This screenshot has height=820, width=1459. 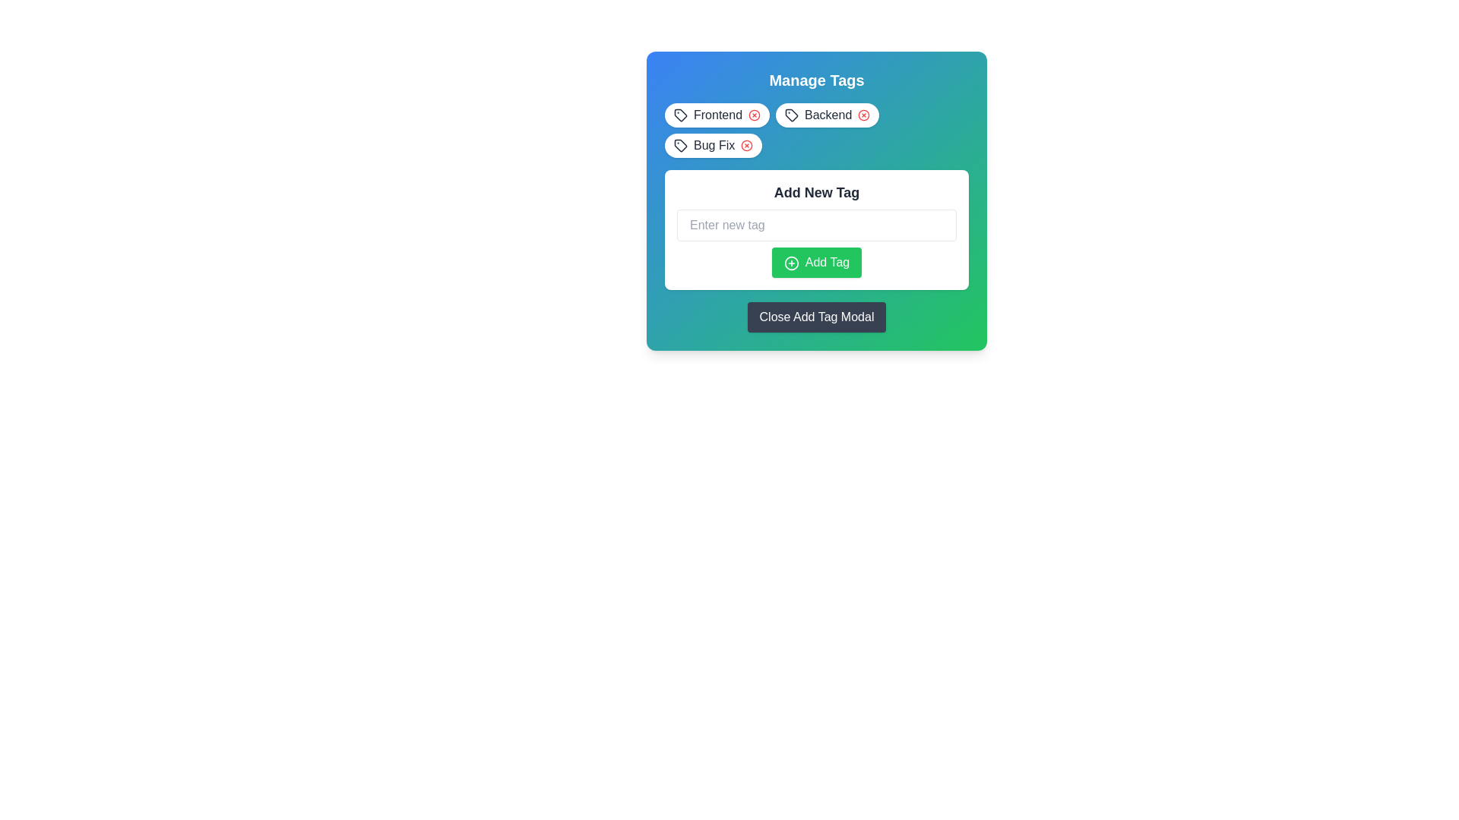 What do you see at coordinates (755, 114) in the screenshot?
I see `the circular graphic element that serves as the close button for the 'Frontend' tag, indicating its functionality to remove or dismiss the associated tag label` at bounding box center [755, 114].